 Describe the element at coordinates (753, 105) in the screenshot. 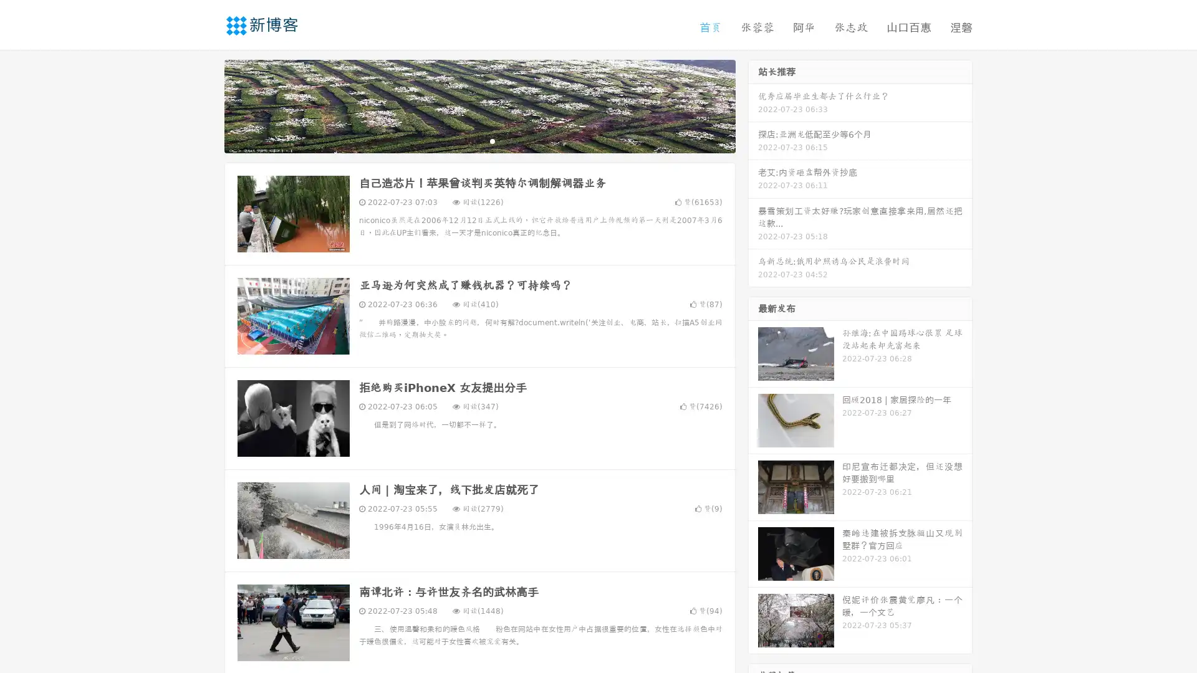

I see `Next slide` at that location.